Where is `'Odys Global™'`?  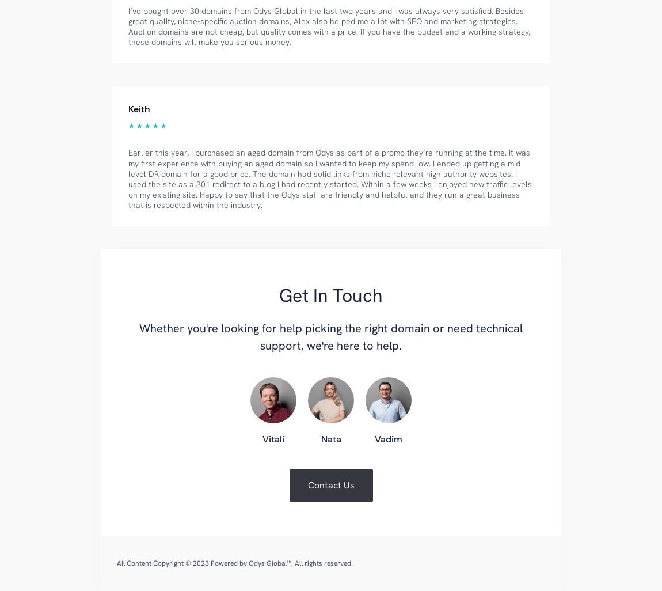
'Odys Global™' is located at coordinates (269, 562).